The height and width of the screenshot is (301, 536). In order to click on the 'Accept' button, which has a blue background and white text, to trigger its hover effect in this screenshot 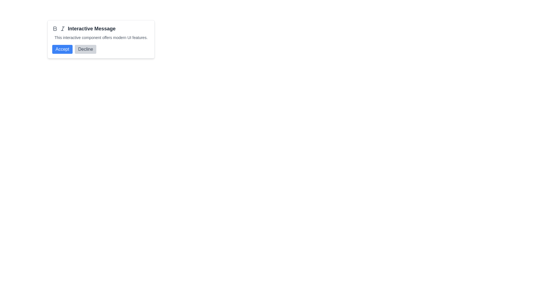, I will do `click(62, 49)`.